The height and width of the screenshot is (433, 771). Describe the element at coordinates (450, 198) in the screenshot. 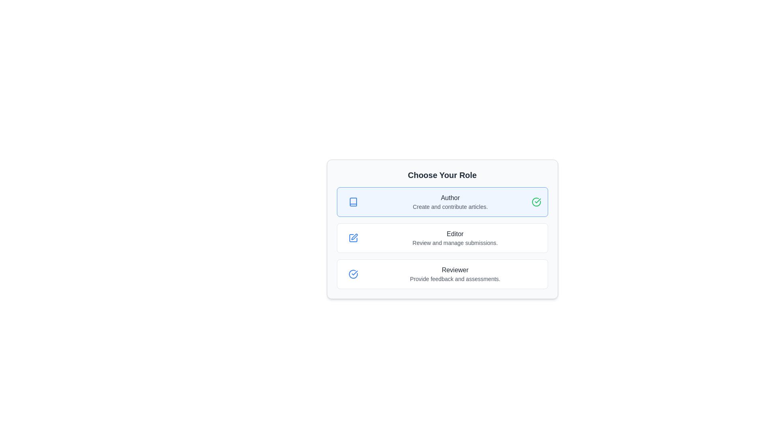

I see `the 'Author' text label, which serves as a header for the first selectable role option in the interface, located above the descriptive text 'Create and contribute articles.'` at that location.